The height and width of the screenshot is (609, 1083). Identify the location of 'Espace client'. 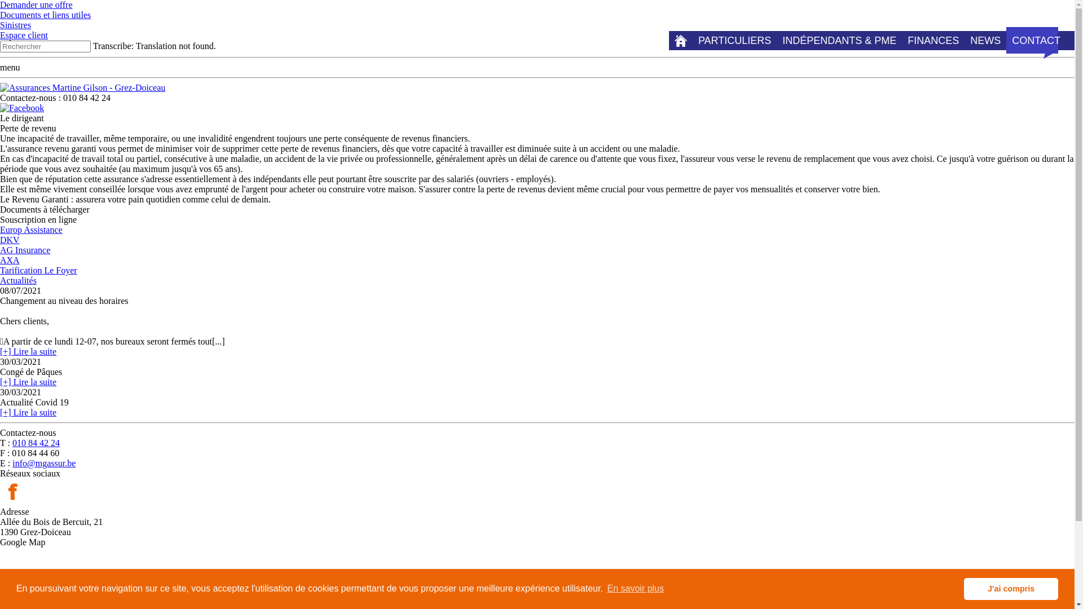
(24, 34).